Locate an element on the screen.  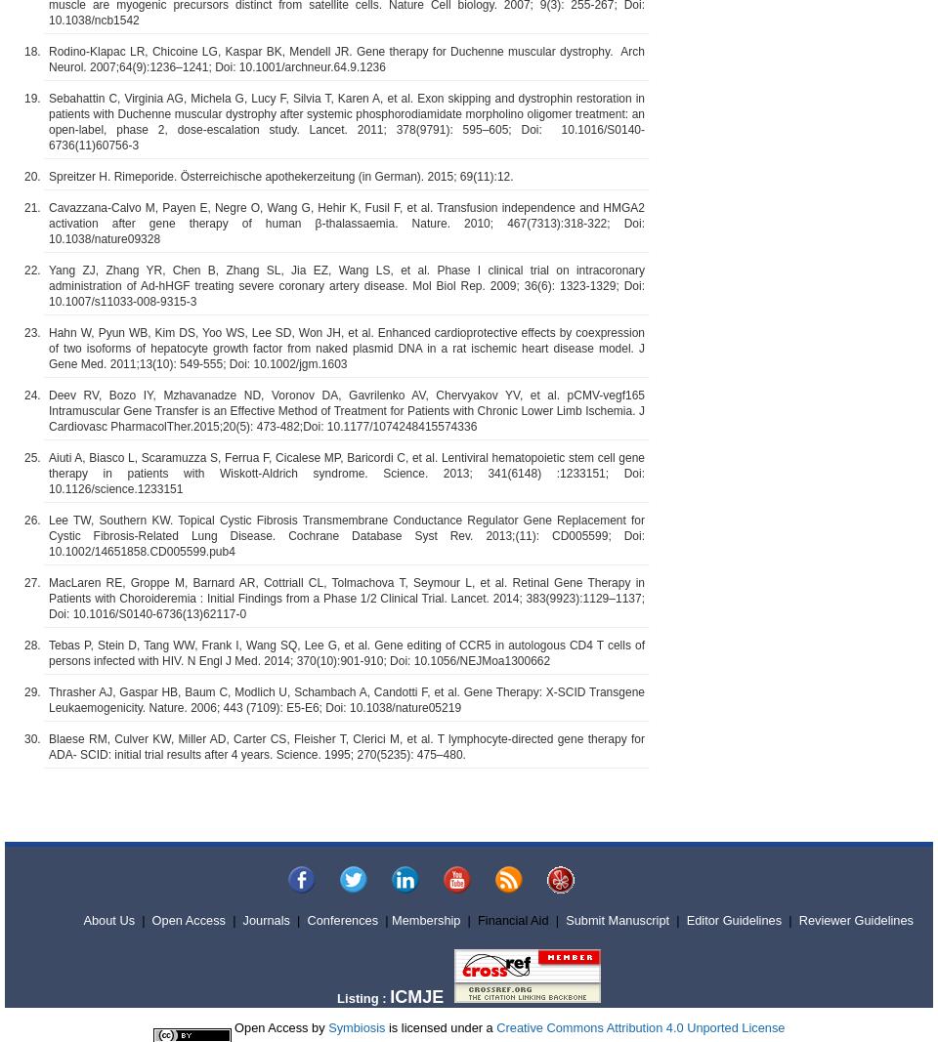
'Membership' is located at coordinates (390, 920).